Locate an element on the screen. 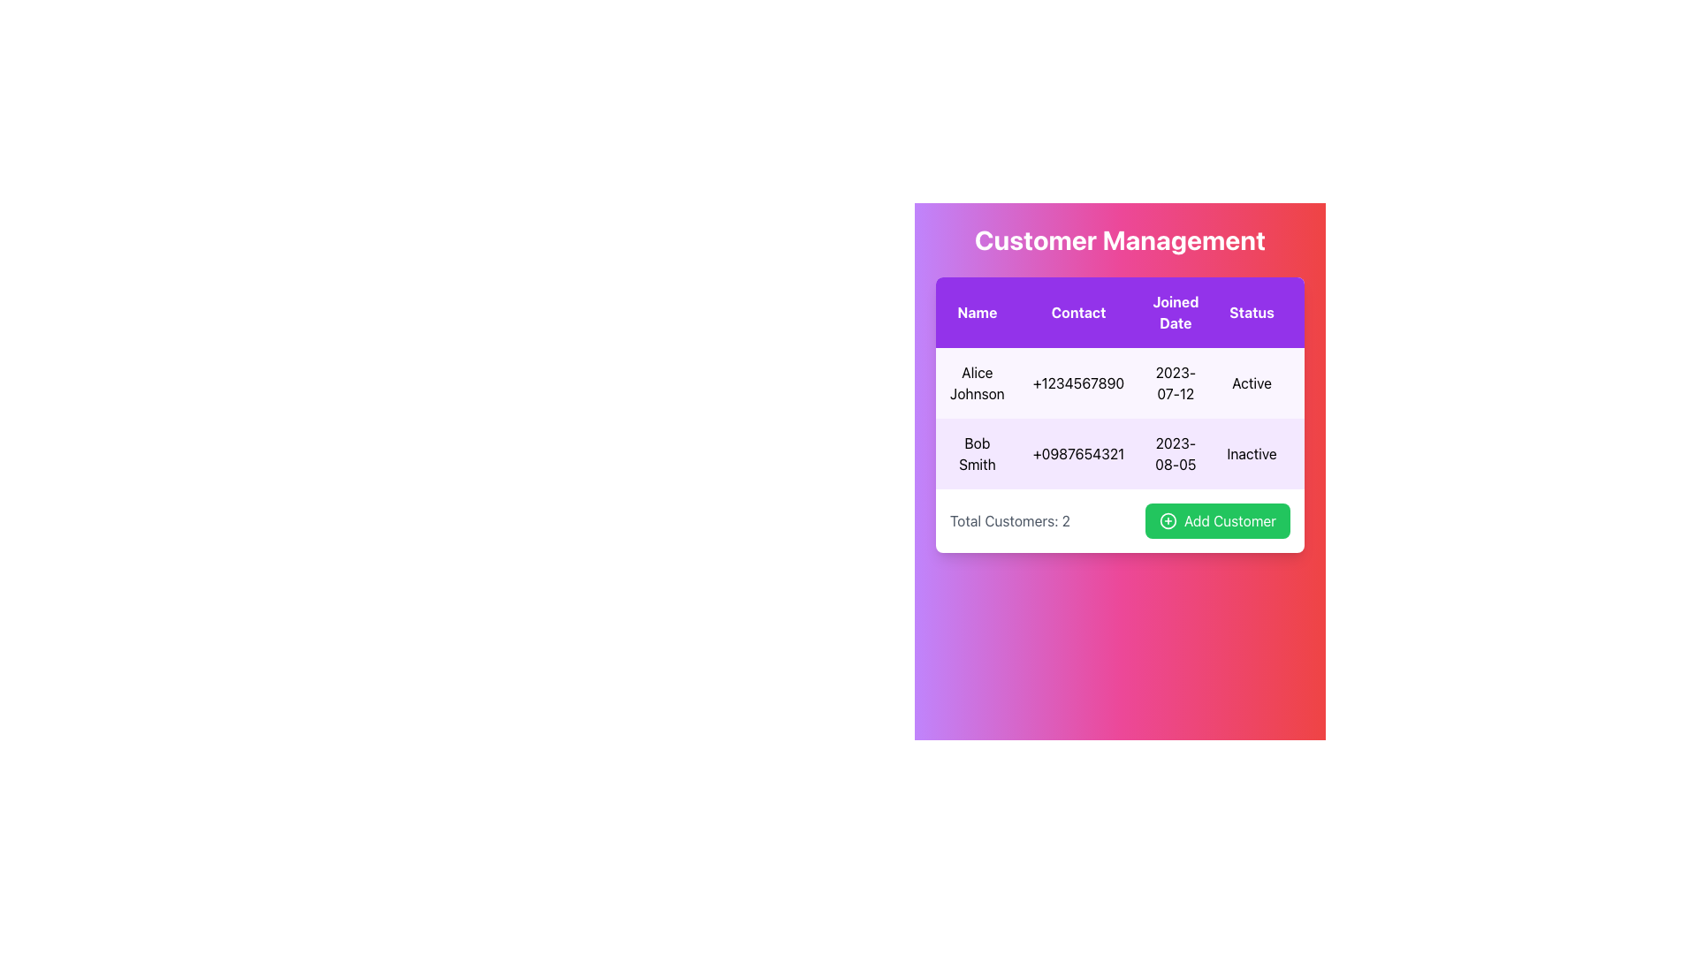  the text label inside the green button at the bottom-right corner of the customer management module is located at coordinates (1229, 520).